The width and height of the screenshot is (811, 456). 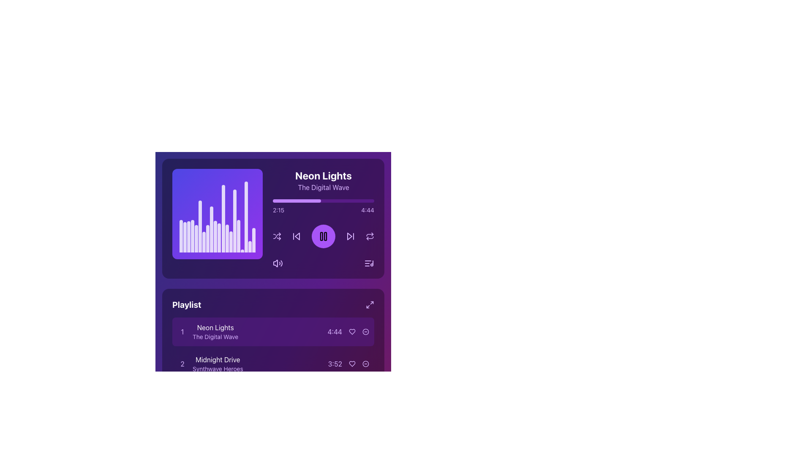 What do you see at coordinates (369, 263) in the screenshot?
I see `the compact rectangular graphical icon with a circular music-related symbol, located in the upper-right corner of the music player control interface, to change its color` at bounding box center [369, 263].